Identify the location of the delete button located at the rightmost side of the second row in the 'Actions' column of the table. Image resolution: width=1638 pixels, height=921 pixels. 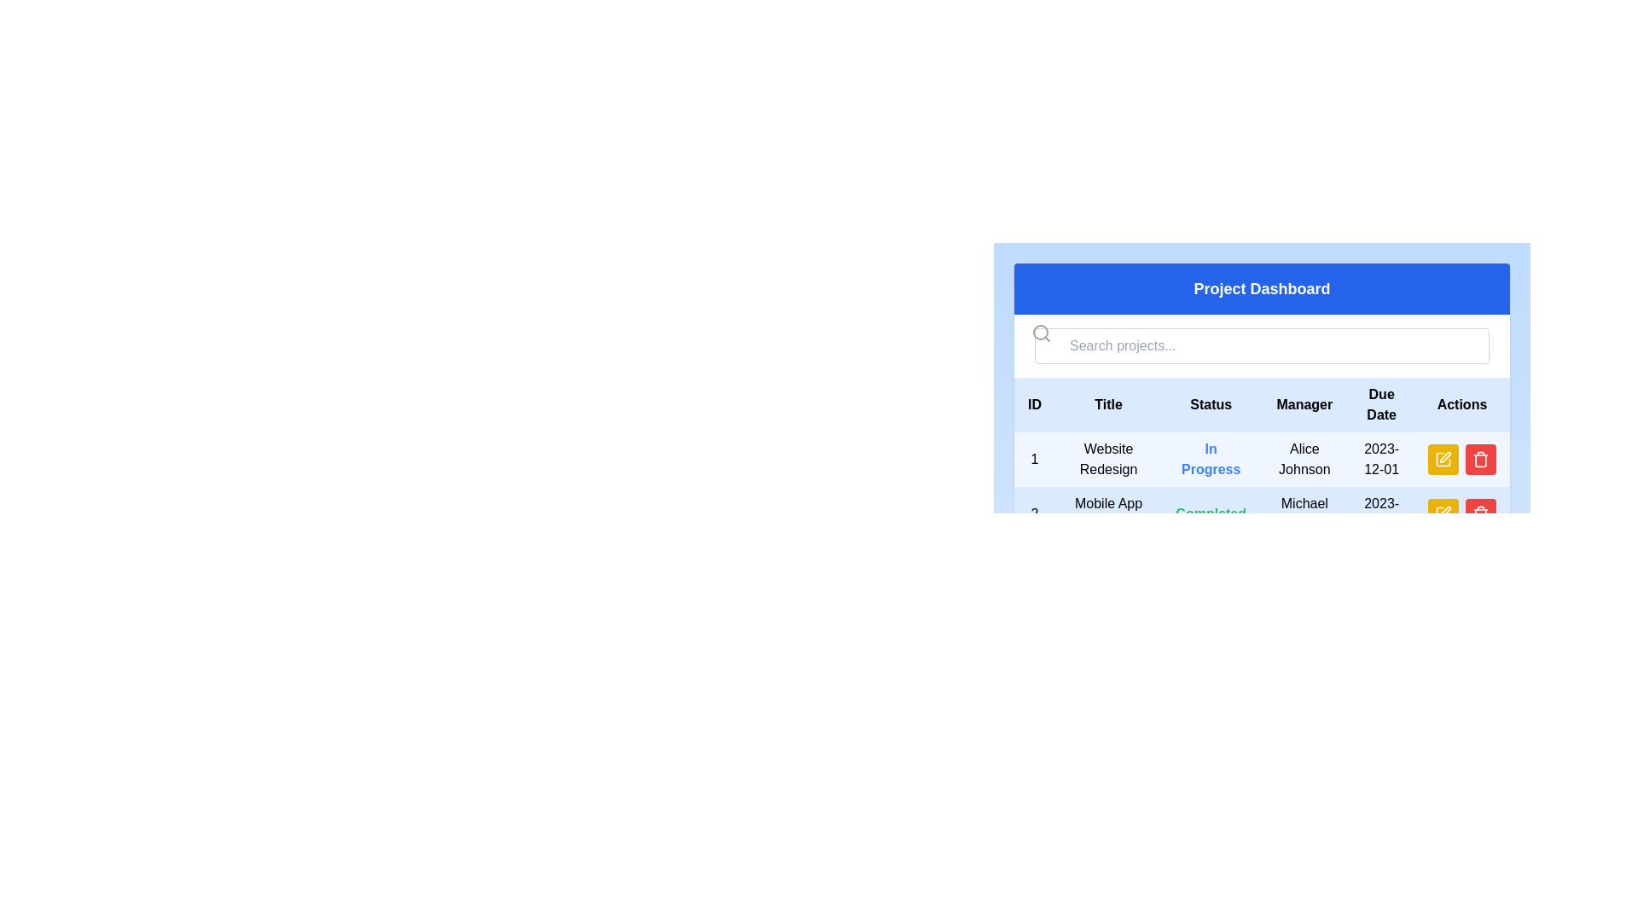
(1480, 513).